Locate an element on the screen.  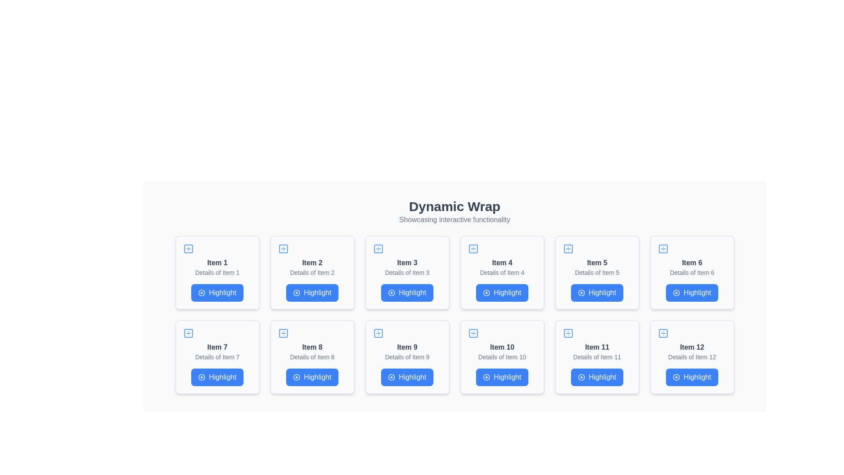
the top-left icon with a division symbol inside the card labeled 'Item 12', which is located in the bottom-right corner of the grid layout is located at coordinates (663, 333).